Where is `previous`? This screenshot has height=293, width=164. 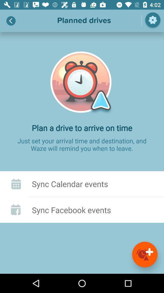
previous is located at coordinates (11, 21).